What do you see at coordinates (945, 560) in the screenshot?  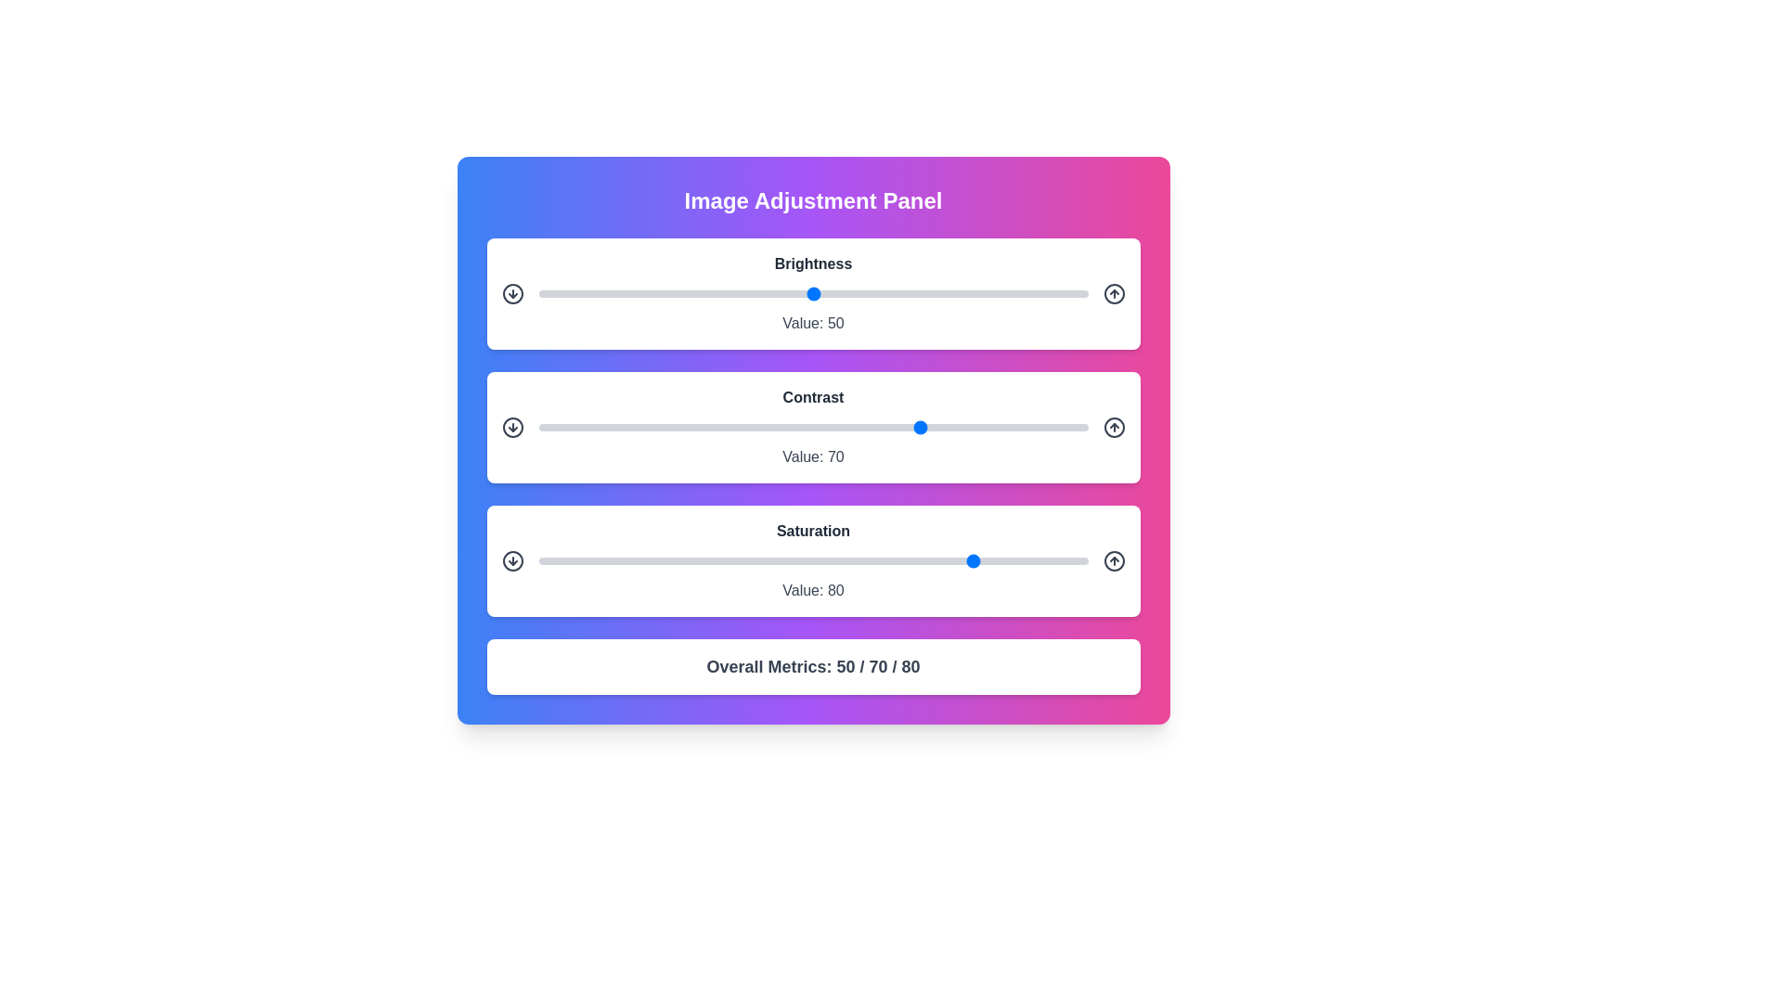 I see `saturation level` at bounding box center [945, 560].